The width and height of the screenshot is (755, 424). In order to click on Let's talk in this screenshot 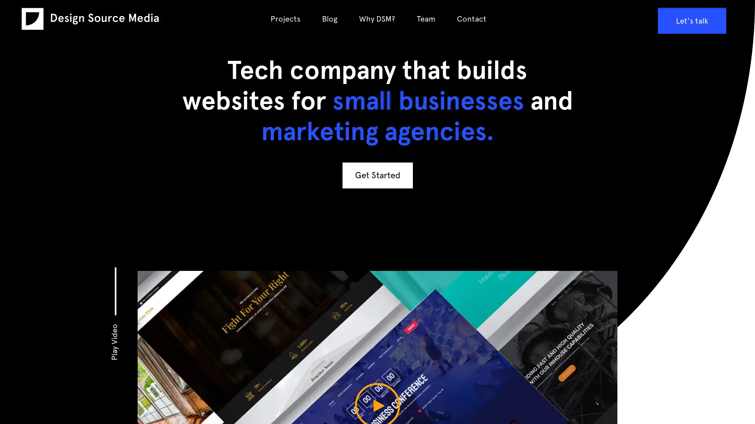, I will do `click(691, 20)`.